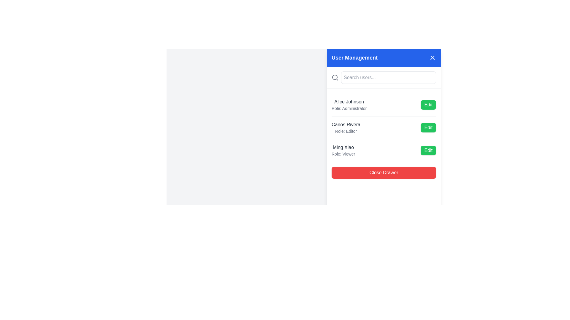 The width and height of the screenshot is (570, 320). I want to click on the close icon represented by an 'X' with white strokes on a blue background, located in the top-right corner of the header section labeled 'User Management', so click(433, 58).